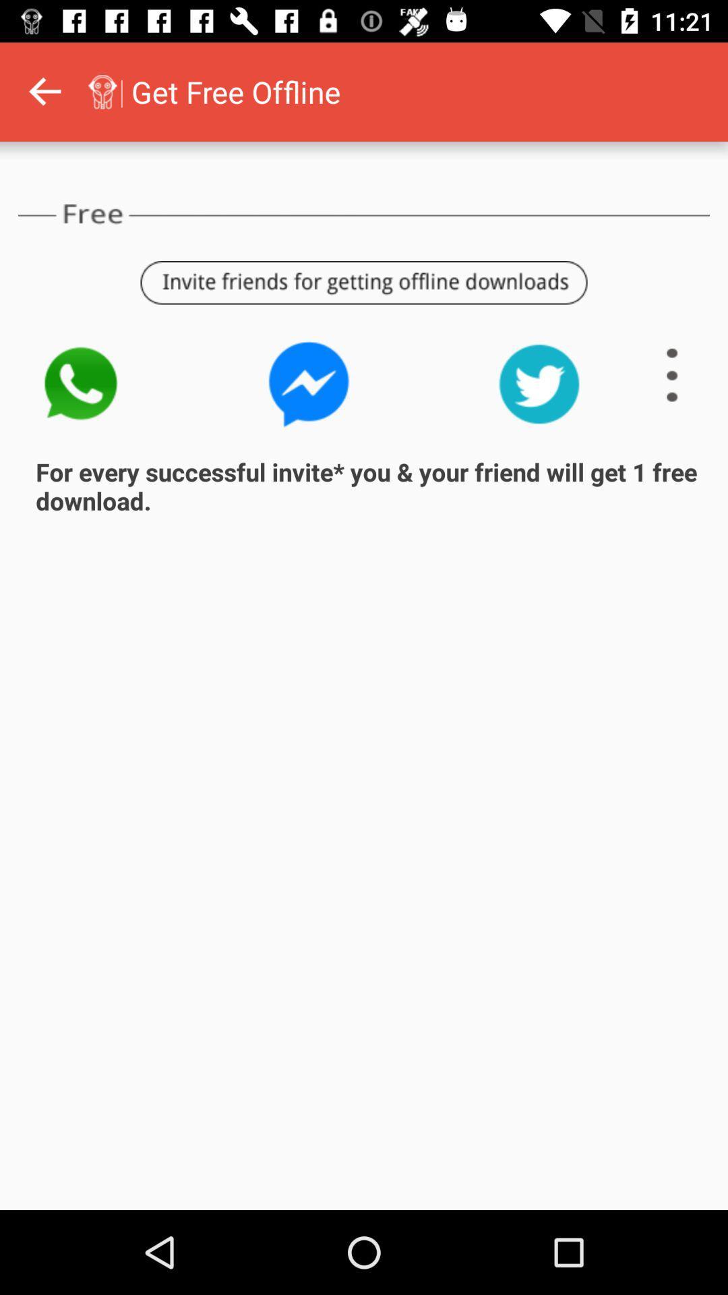  Describe the element at coordinates (672, 375) in the screenshot. I see `settings` at that location.